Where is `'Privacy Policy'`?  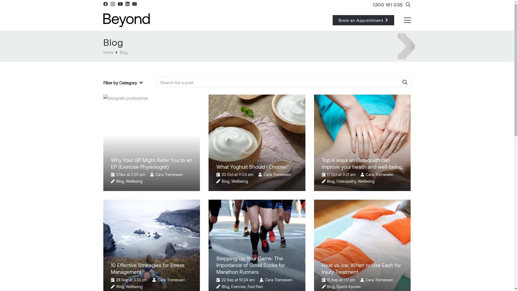
'Privacy Policy' is located at coordinates (257, 284).